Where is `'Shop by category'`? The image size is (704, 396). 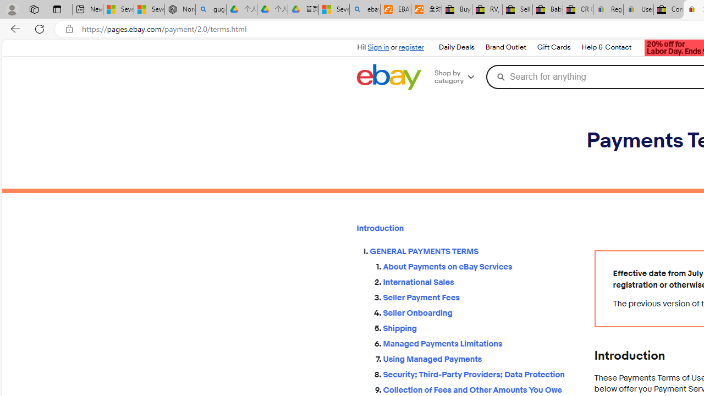
'Shop by category' is located at coordinates (458, 76).